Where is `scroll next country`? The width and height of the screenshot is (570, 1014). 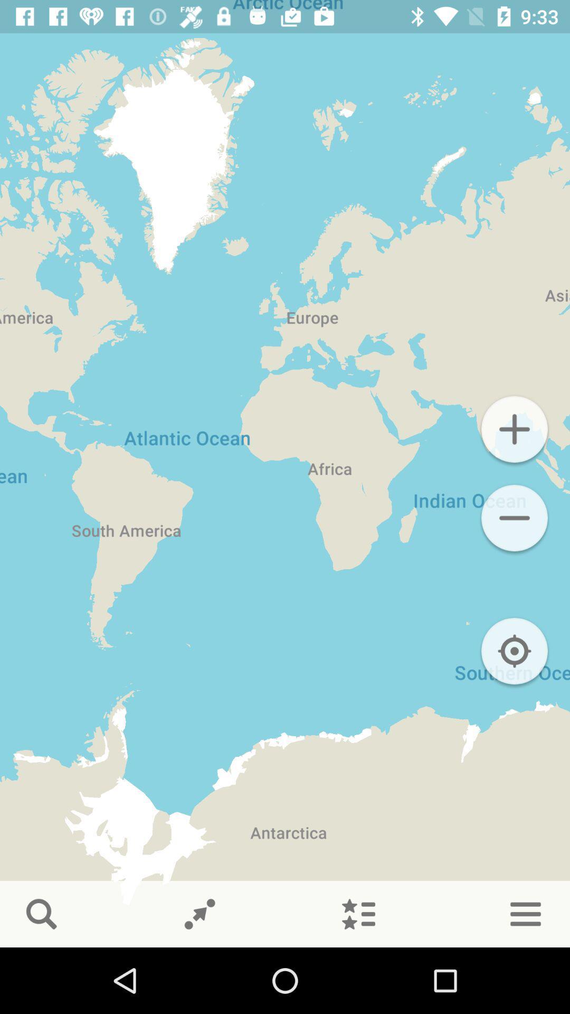
scroll next country is located at coordinates (199, 914).